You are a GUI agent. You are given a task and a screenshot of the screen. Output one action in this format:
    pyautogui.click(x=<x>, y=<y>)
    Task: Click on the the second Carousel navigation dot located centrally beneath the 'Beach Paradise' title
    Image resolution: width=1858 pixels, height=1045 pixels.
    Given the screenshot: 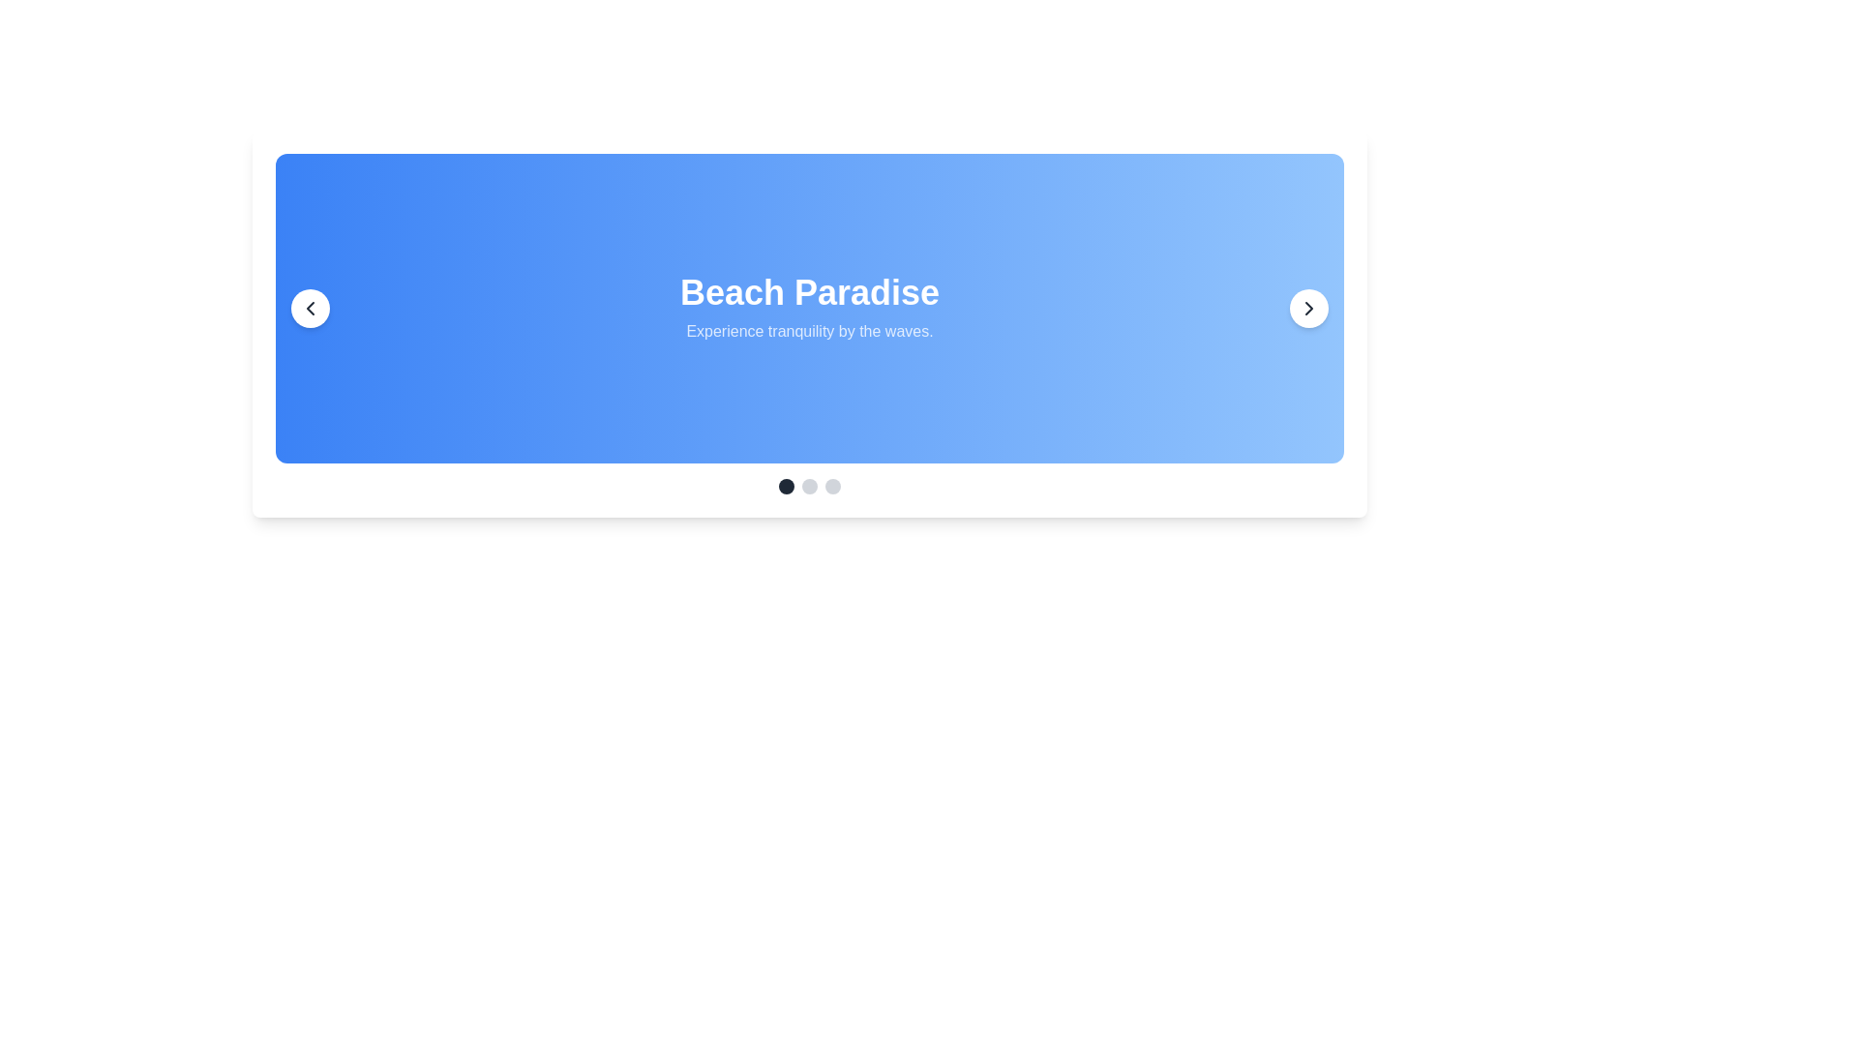 What is the action you would take?
    pyautogui.click(x=809, y=485)
    